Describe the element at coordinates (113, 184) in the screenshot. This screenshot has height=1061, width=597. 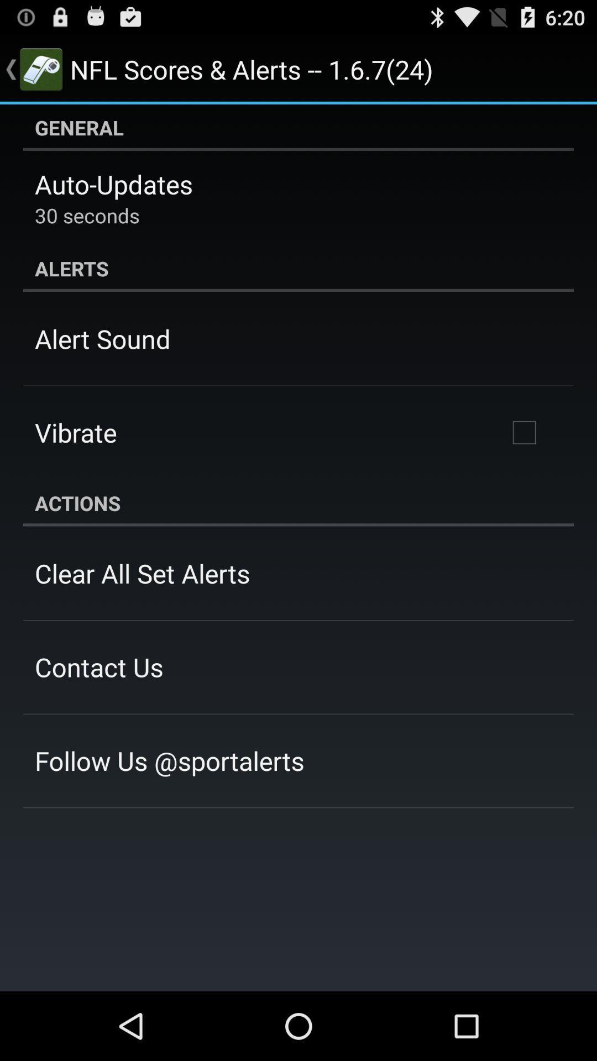
I see `app below the general app` at that location.